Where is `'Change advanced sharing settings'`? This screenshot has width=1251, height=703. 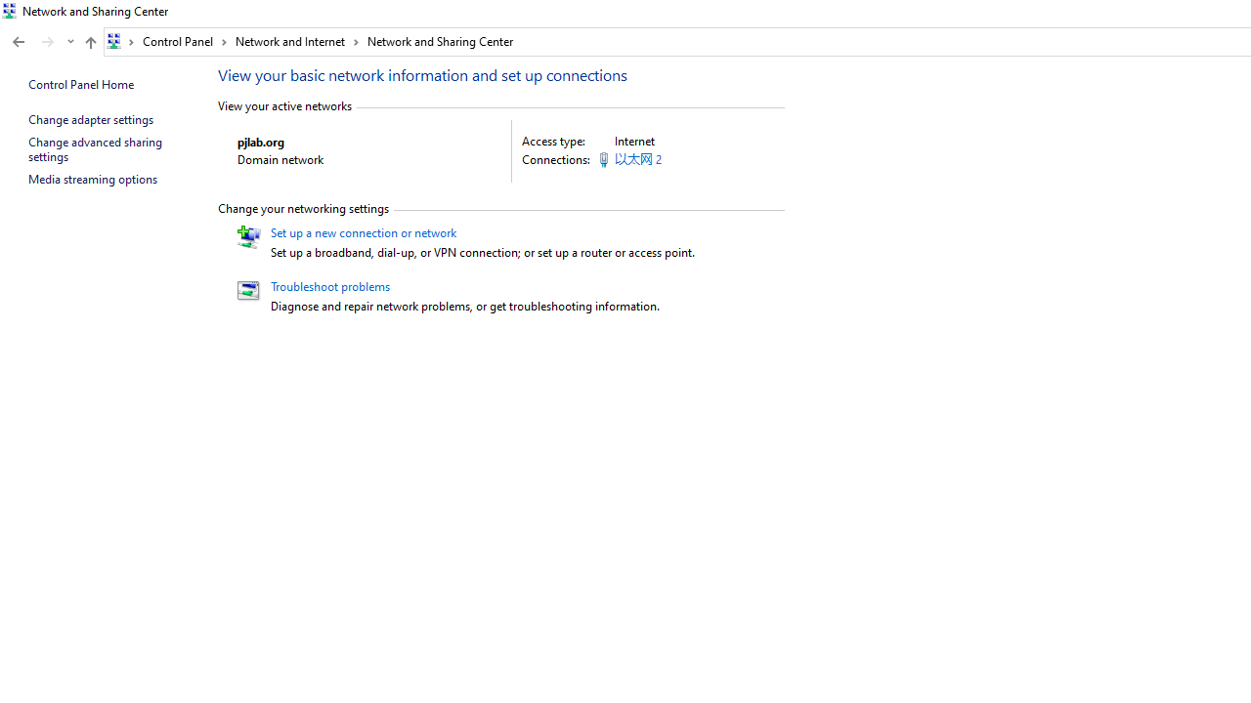
'Change advanced sharing settings' is located at coordinates (96, 148).